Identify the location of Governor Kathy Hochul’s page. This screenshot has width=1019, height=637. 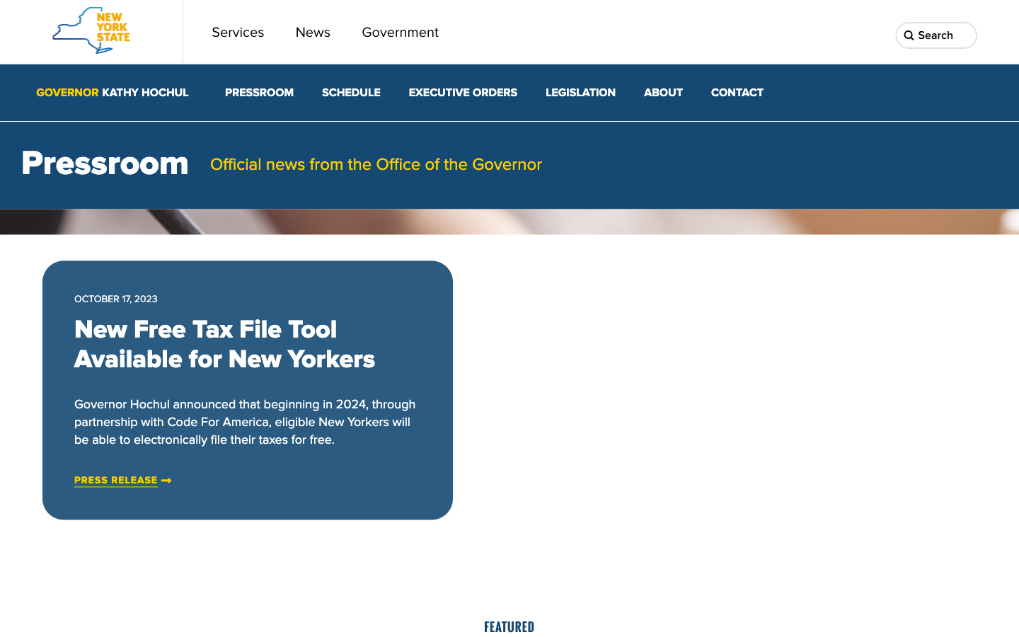
(111, 93).